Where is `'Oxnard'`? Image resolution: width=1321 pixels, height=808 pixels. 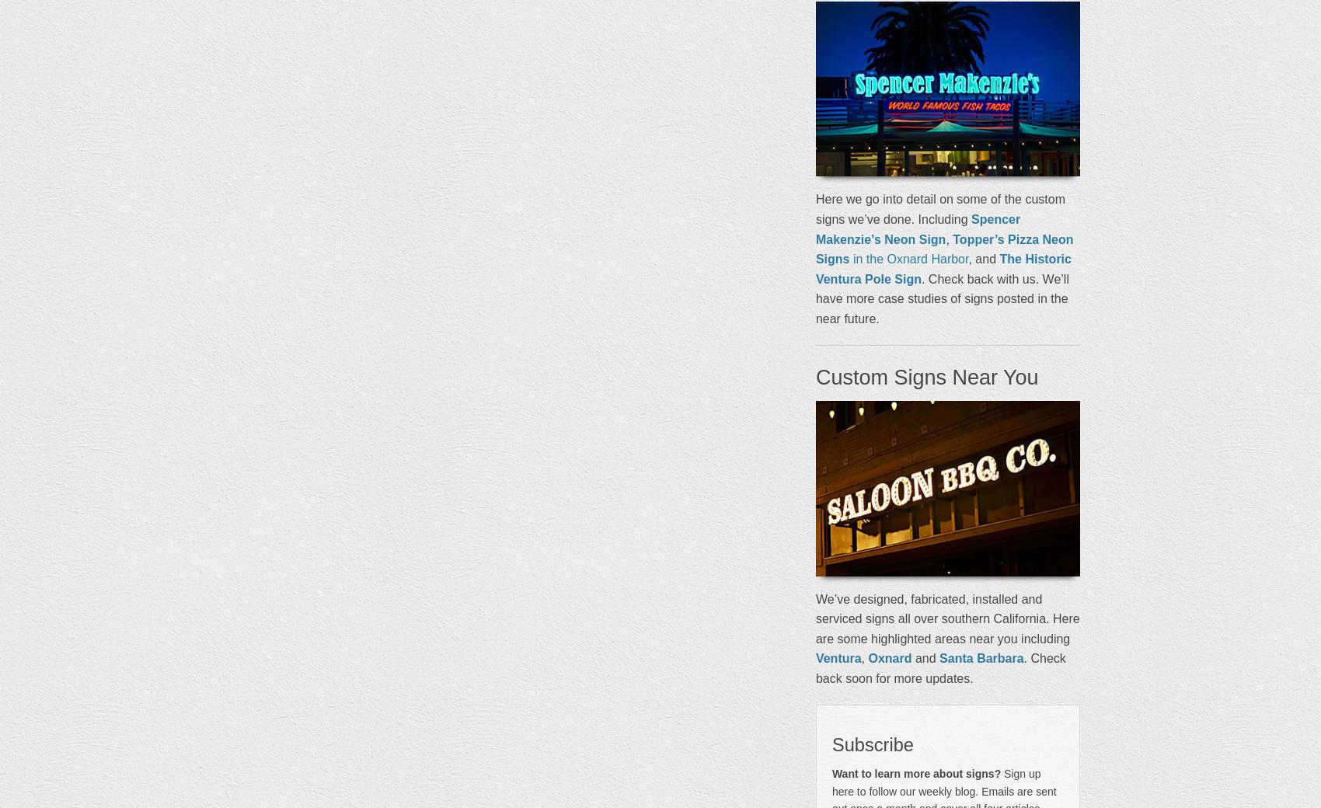 'Oxnard' is located at coordinates (889, 657).